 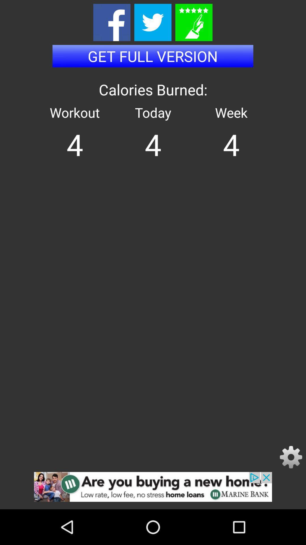 I want to click on share on twitter, so click(x=152, y=22).